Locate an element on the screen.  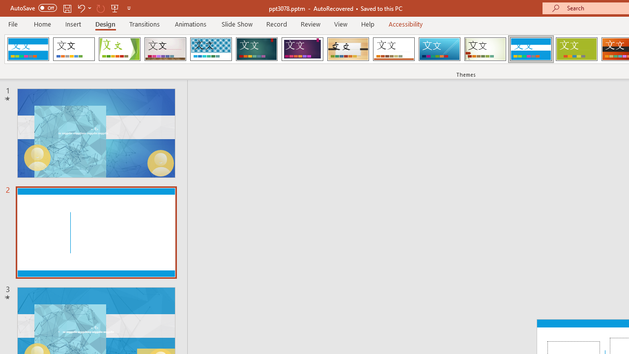
'Banded' is located at coordinates (530, 49).